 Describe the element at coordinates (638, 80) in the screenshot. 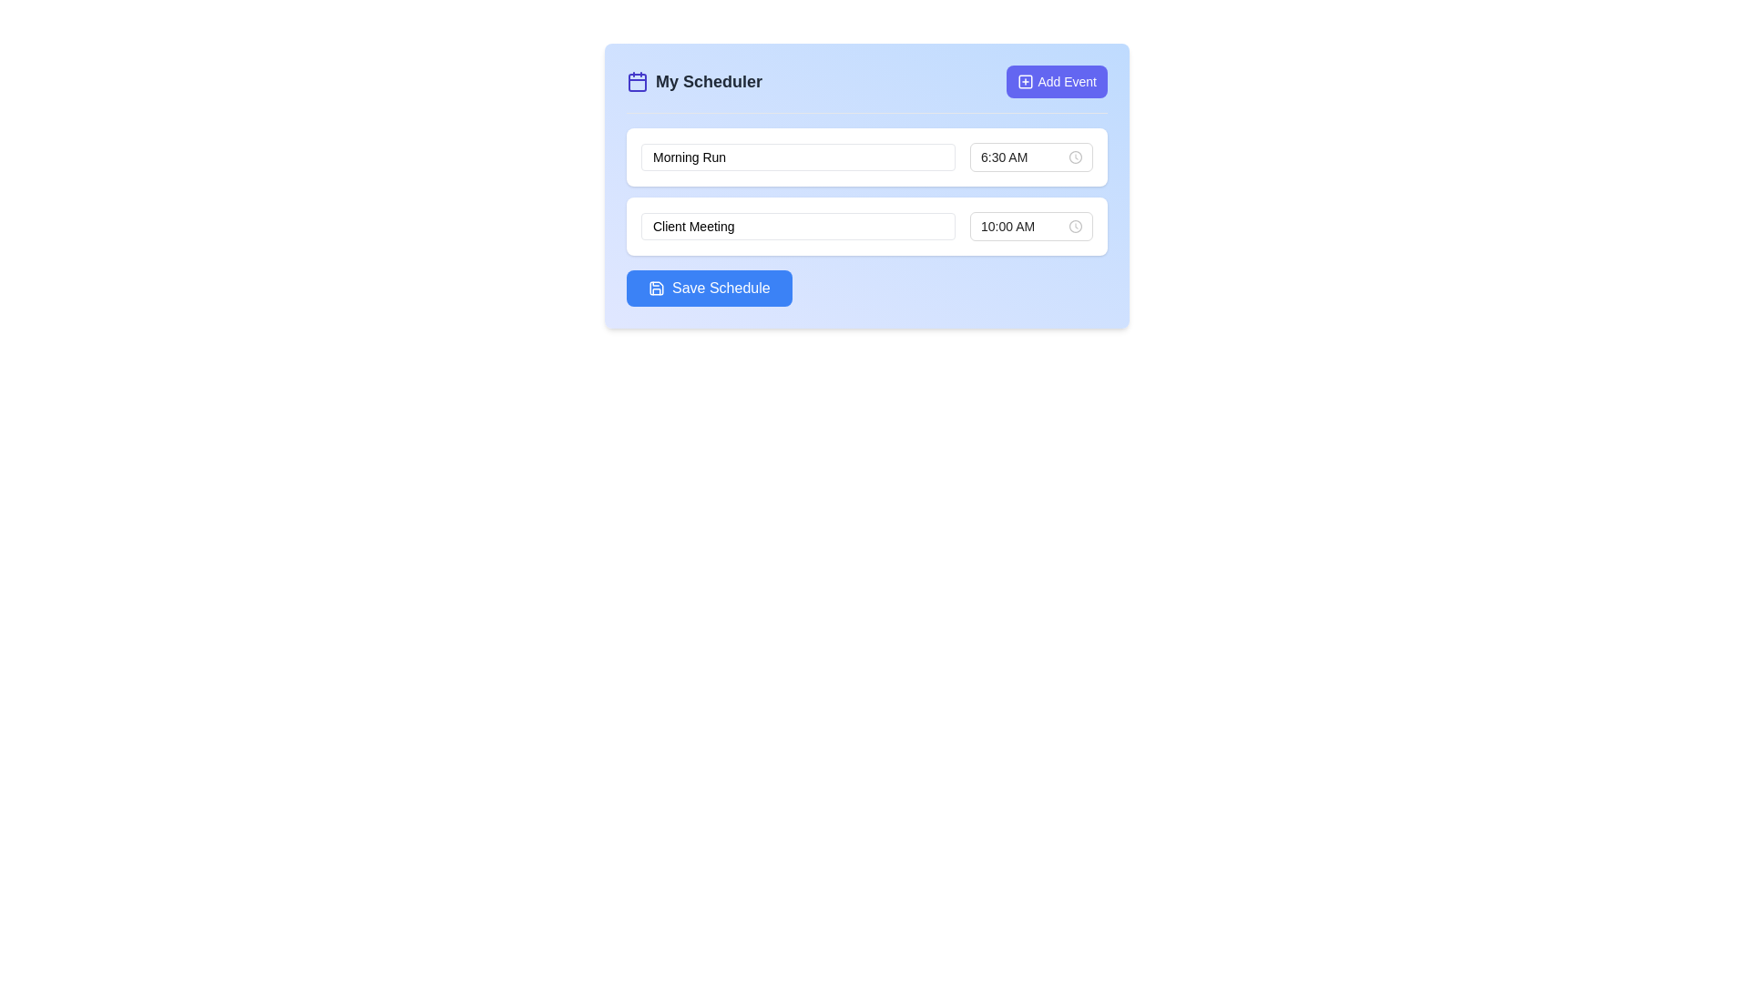

I see `the calendar icon located in the top-left corner of the header section, preceding the 'My Scheduler' text, as a visual guide` at that location.